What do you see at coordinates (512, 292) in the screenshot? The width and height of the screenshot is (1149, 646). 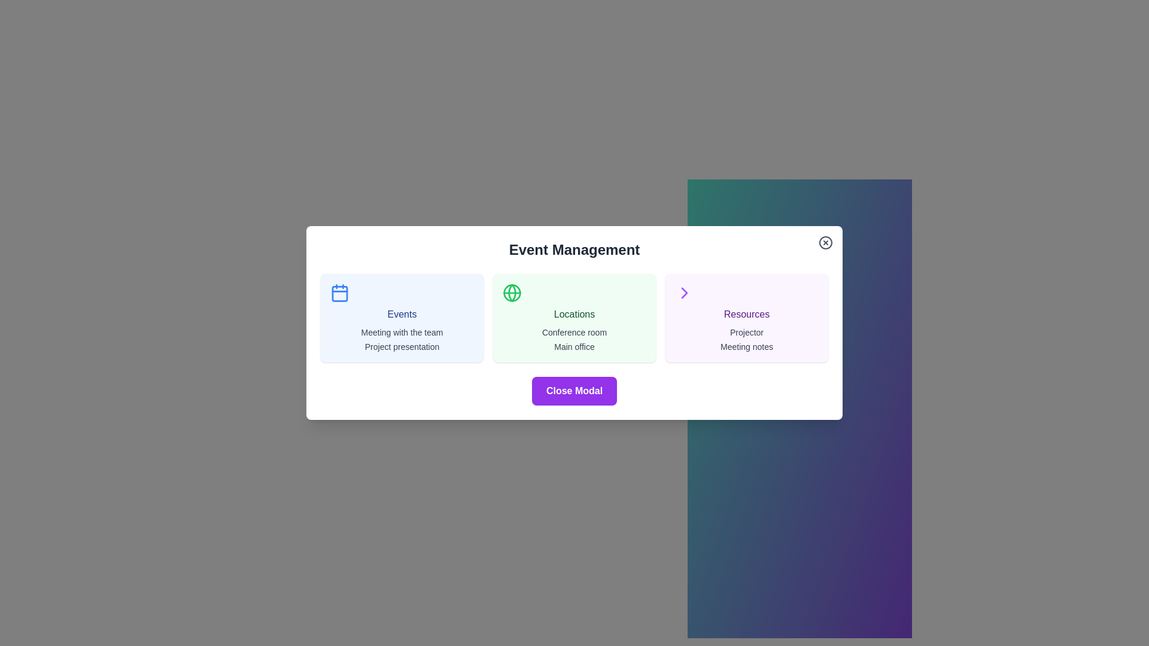 I see `the narrow elliptical arc within the green globe icon, which indicates rotation or orbit, located above the 'Locations' section in the dialog box` at bounding box center [512, 292].